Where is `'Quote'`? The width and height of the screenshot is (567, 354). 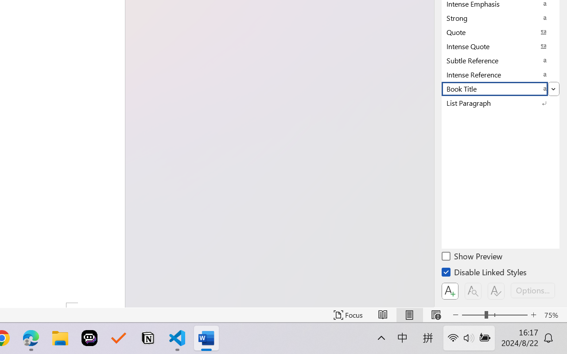 'Quote' is located at coordinates (501, 32).